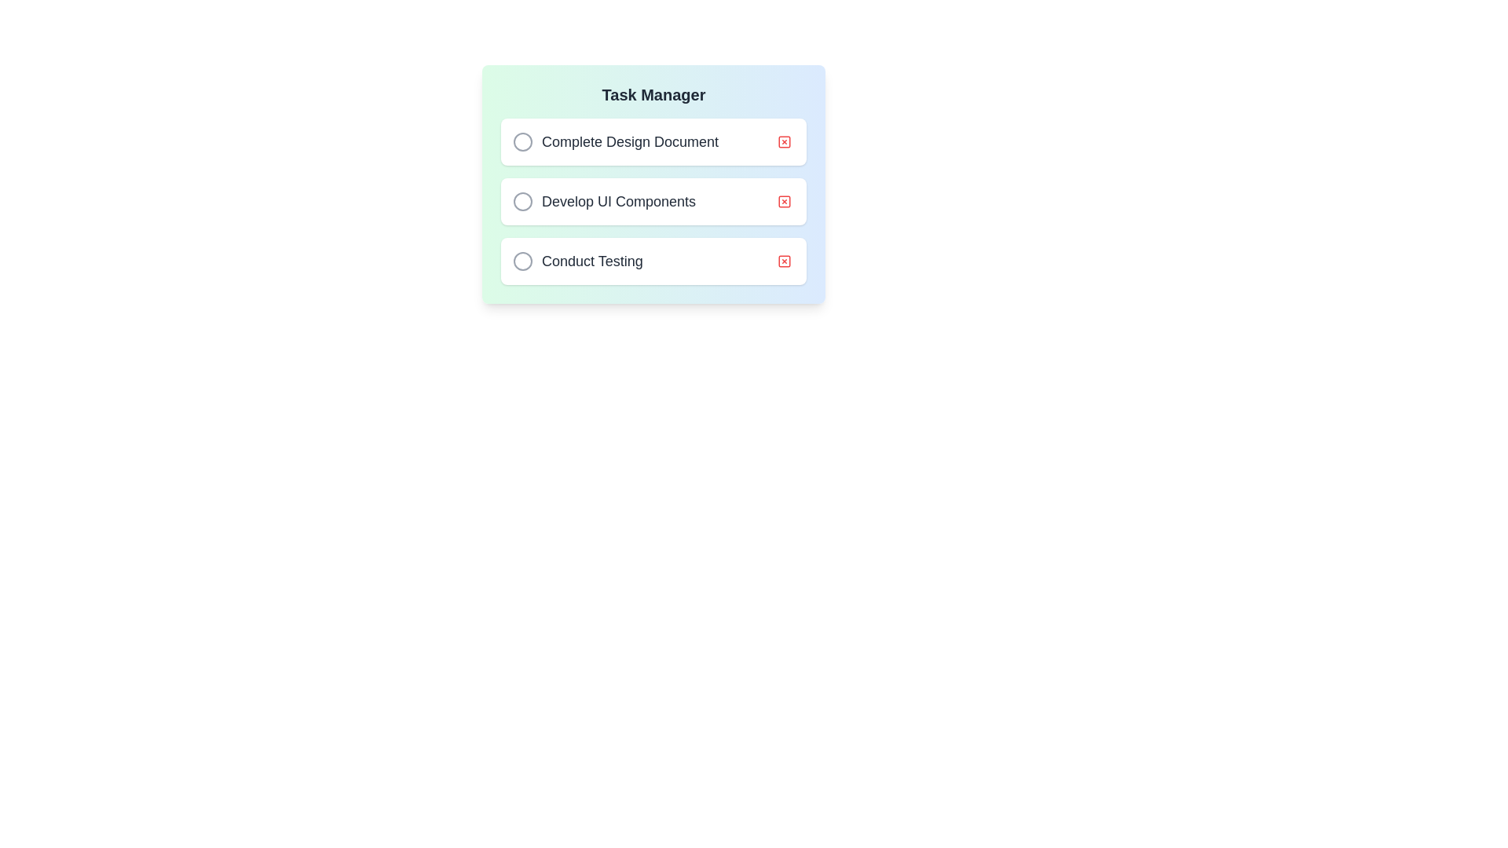 The image size is (1508, 848). I want to click on the unfilled checkbox element, which is a small square with rounded corners, part of the Task Manager button group, located adjacent to the task title, so click(784, 260).